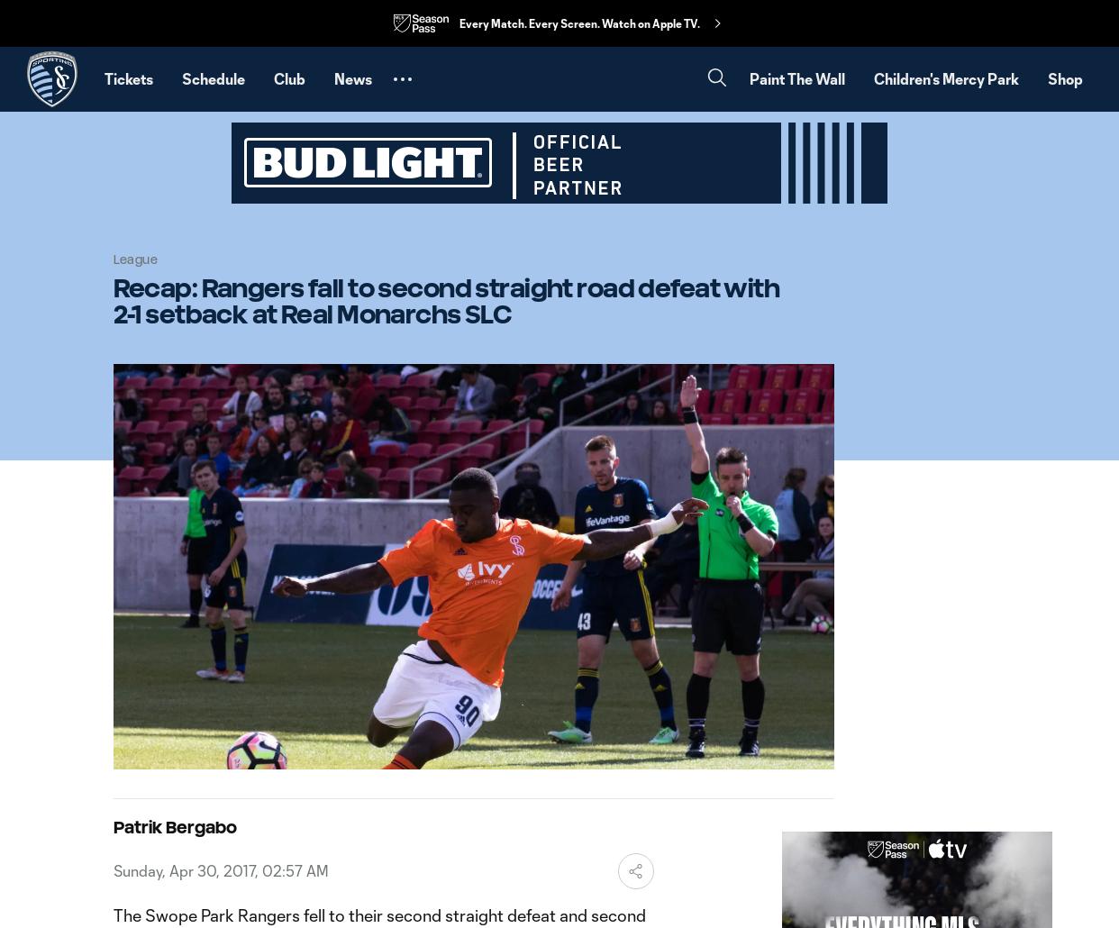 The image size is (1119, 928). I want to click on 'Recap: Rangers fall to second straight road defeat with 2-1 setback at Real Monarchs SLC', so click(446, 299).